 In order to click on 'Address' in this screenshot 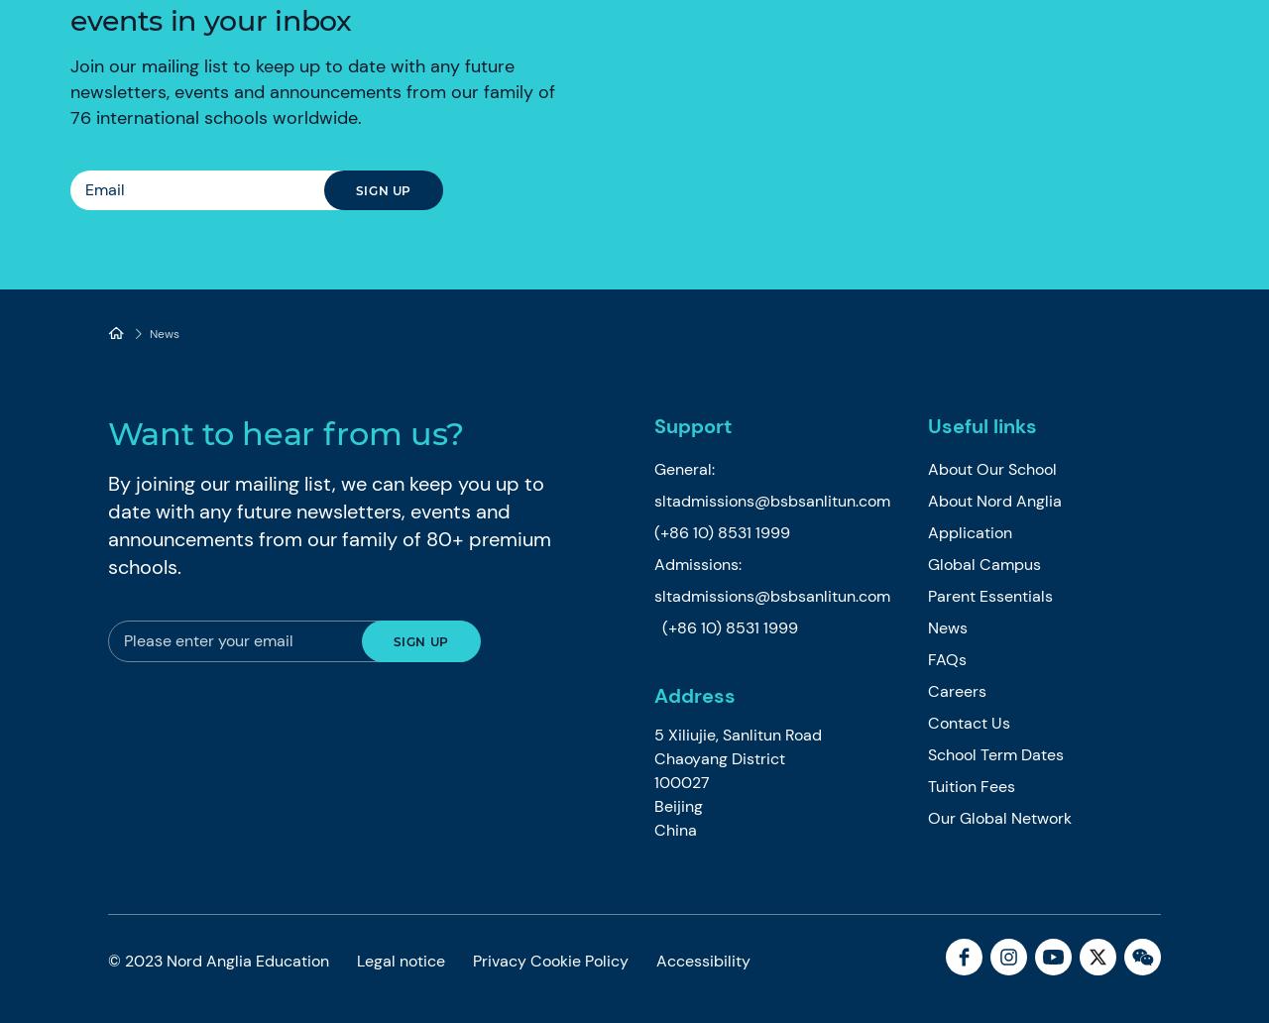, I will do `click(695, 694)`.